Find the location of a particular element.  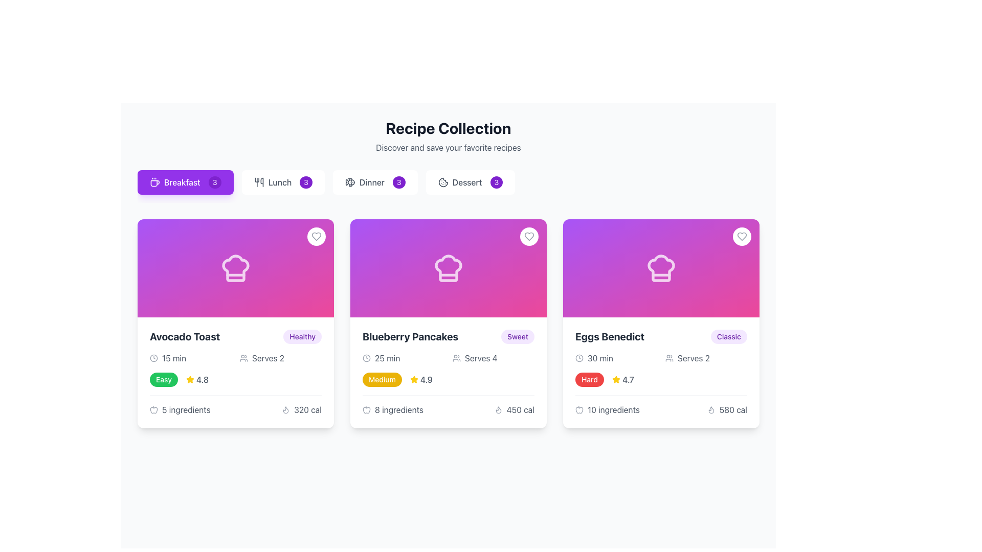

the numerical indicator badge displaying the value '3', which is located at the upper-right corner of the 'Dessert' button in the 'Recipe Collection' section is located at coordinates (496, 182).